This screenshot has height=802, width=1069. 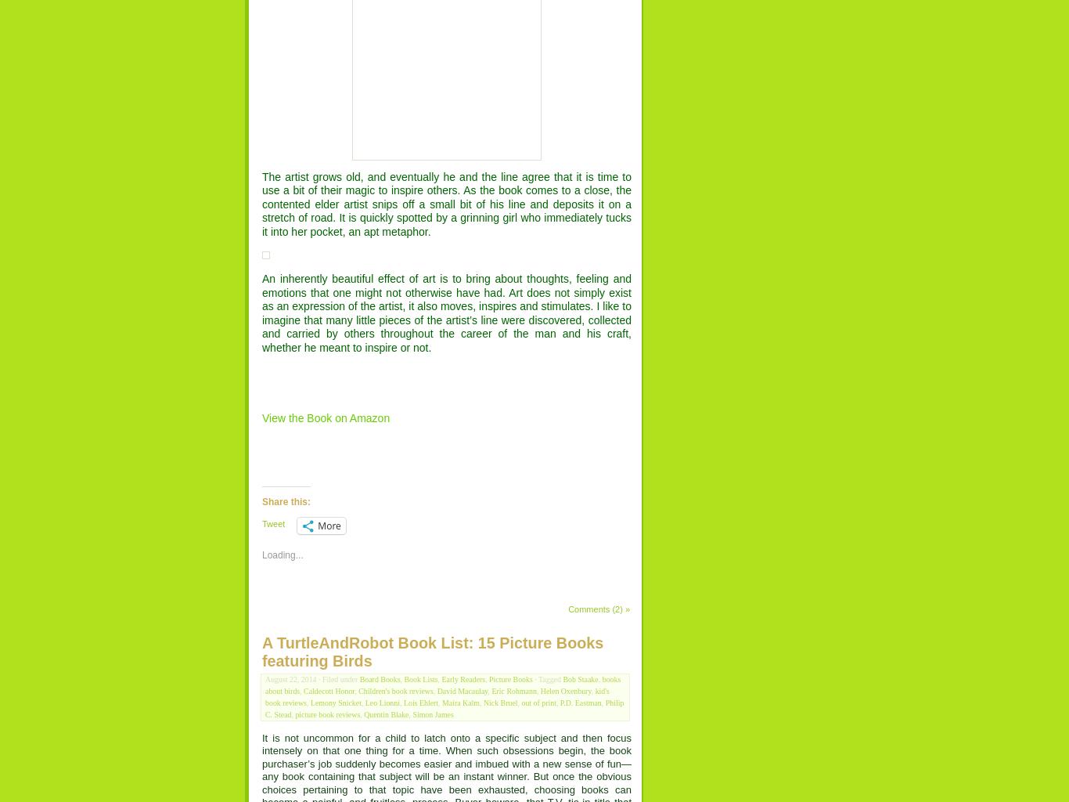 What do you see at coordinates (420, 679) in the screenshot?
I see `'Book Lists'` at bounding box center [420, 679].